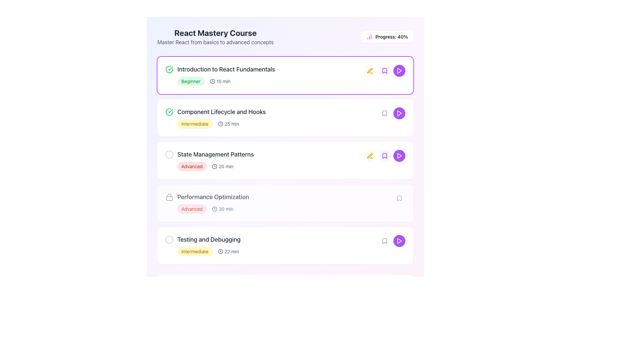 The image size is (639, 359). I want to click on the pen icon used for editing, located next to the course title 'Introduction to React Fundamentals', so click(369, 156).